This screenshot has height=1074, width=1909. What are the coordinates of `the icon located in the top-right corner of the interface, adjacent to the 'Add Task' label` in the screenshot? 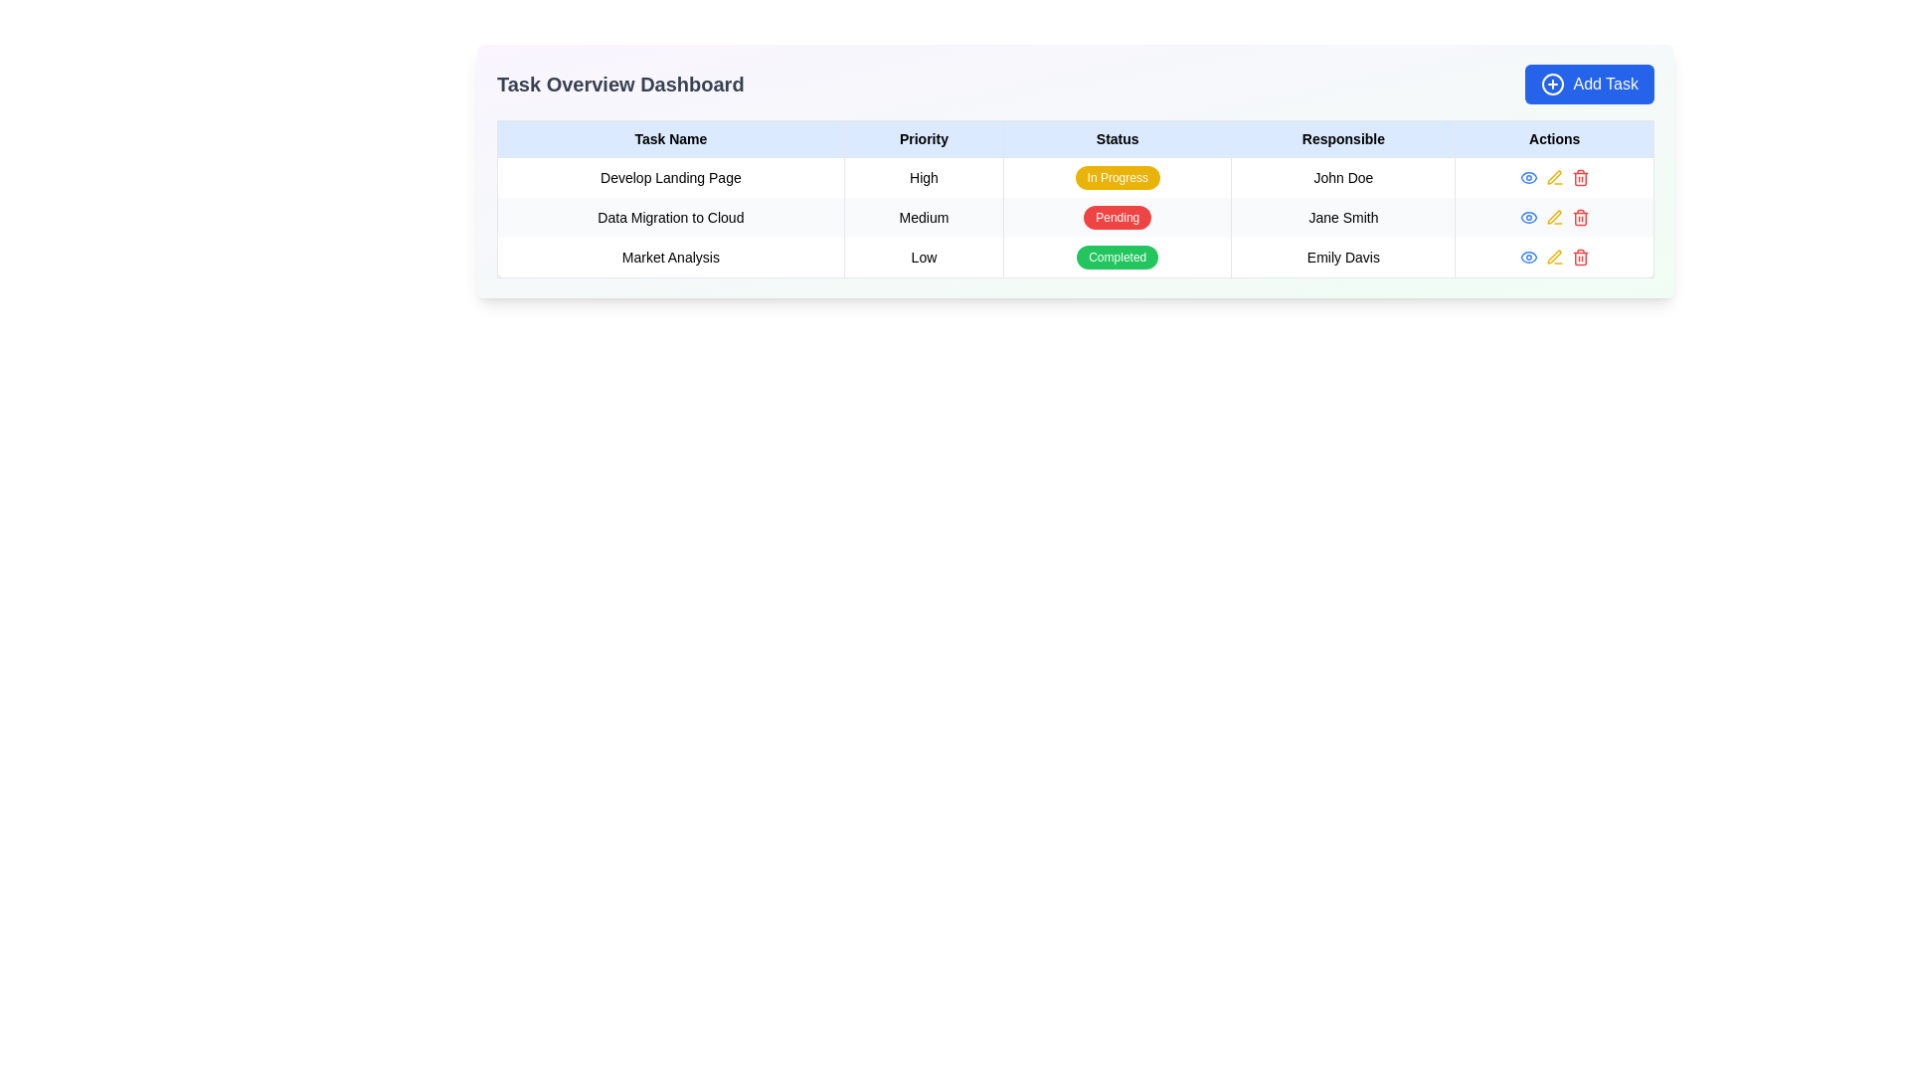 It's located at (1552, 83).